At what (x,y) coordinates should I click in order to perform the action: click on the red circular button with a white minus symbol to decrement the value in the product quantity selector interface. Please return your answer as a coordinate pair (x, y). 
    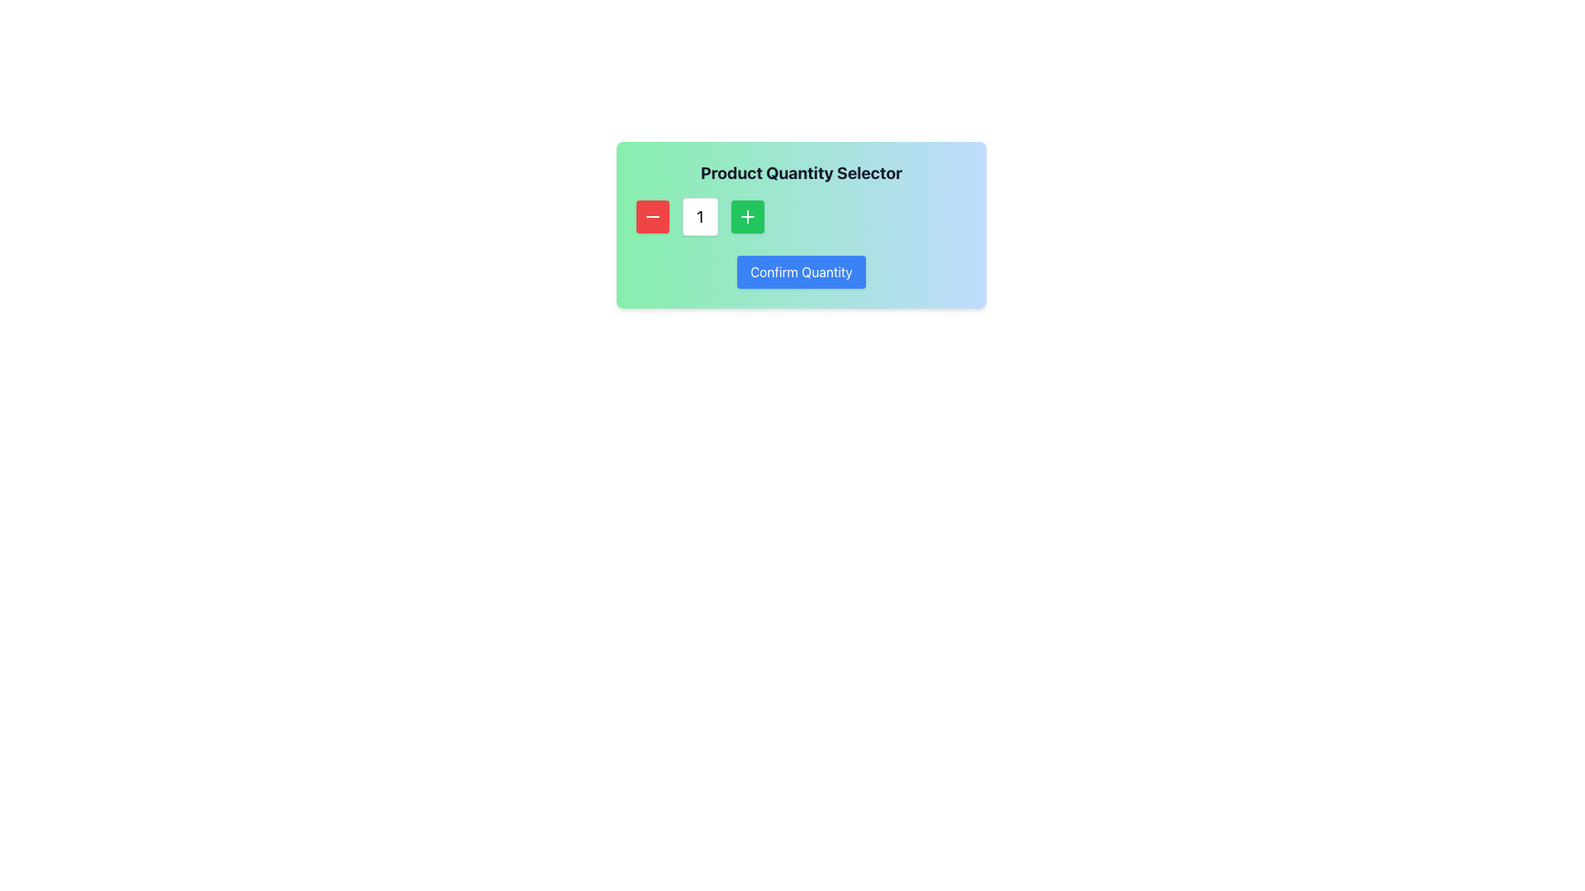
    Looking at the image, I should click on (652, 215).